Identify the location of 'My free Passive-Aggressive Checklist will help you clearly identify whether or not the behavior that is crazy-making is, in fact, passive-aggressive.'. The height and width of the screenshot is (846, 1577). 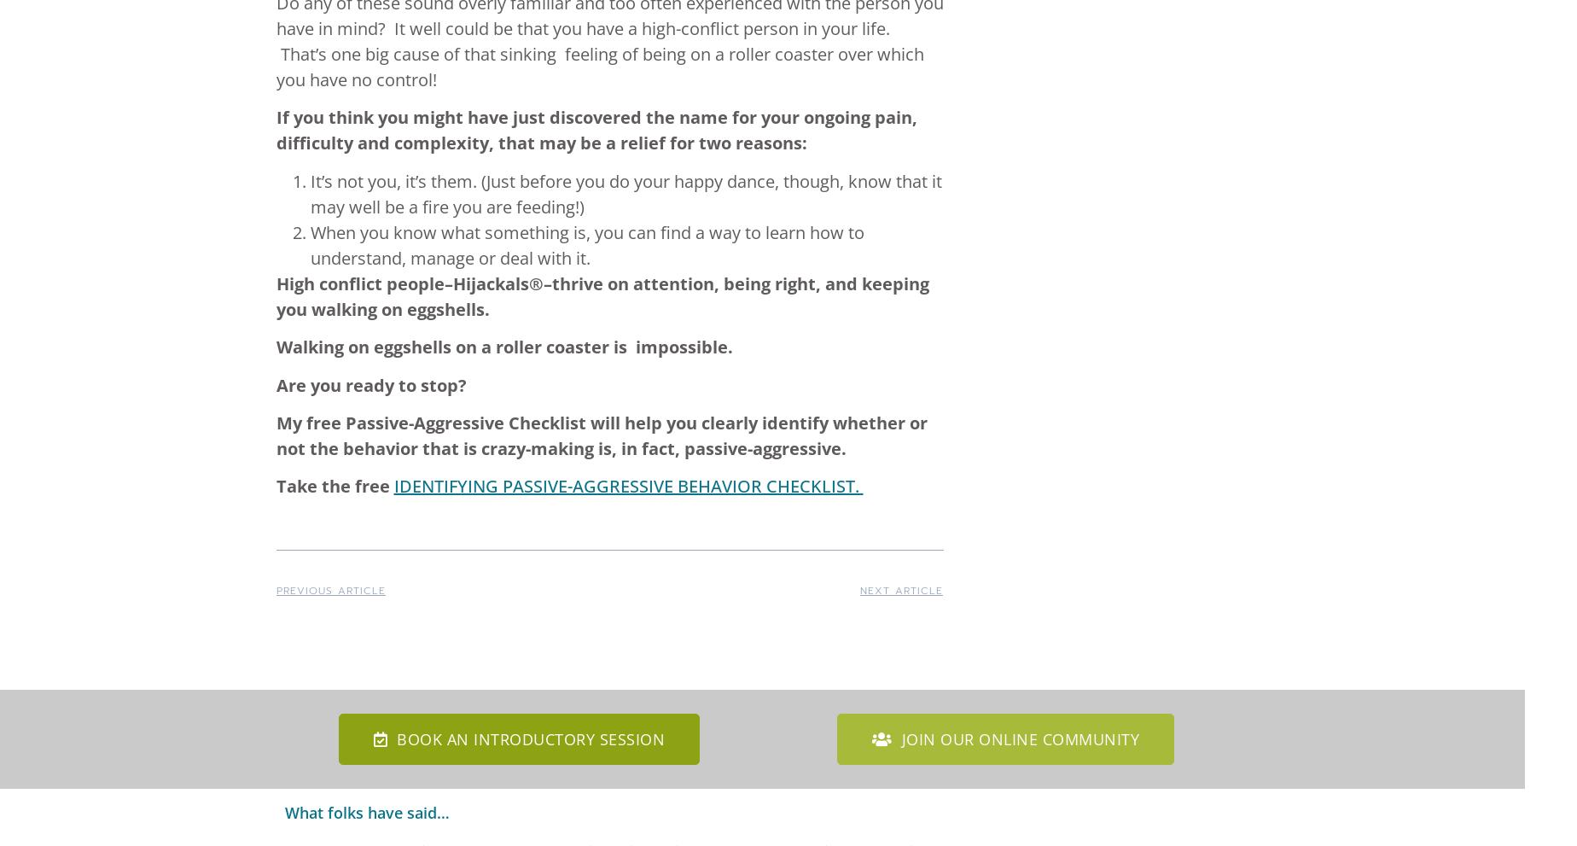
(601, 435).